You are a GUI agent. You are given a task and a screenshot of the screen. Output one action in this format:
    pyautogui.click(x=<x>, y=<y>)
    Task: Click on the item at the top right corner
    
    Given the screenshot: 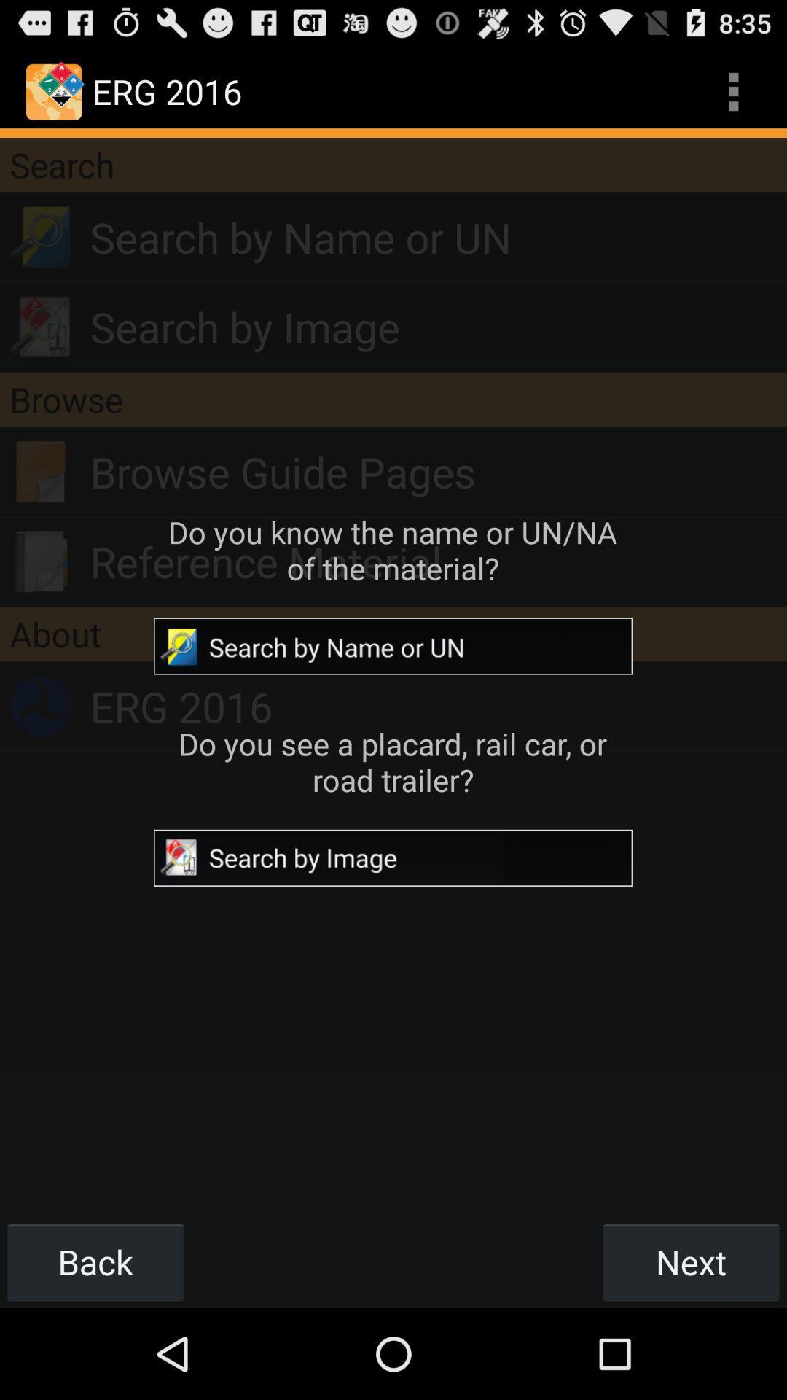 What is the action you would take?
    pyautogui.click(x=733, y=90)
    